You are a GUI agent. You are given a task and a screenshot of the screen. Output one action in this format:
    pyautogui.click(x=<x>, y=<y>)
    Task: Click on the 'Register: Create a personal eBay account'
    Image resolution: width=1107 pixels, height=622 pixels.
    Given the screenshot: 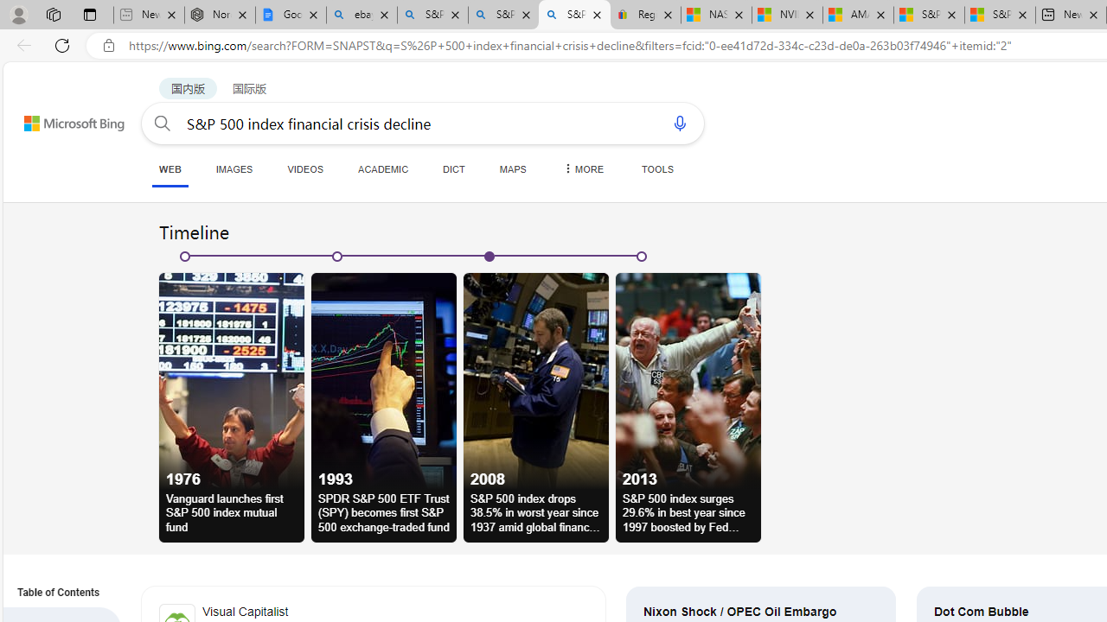 What is the action you would take?
    pyautogui.click(x=644, y=15)
    